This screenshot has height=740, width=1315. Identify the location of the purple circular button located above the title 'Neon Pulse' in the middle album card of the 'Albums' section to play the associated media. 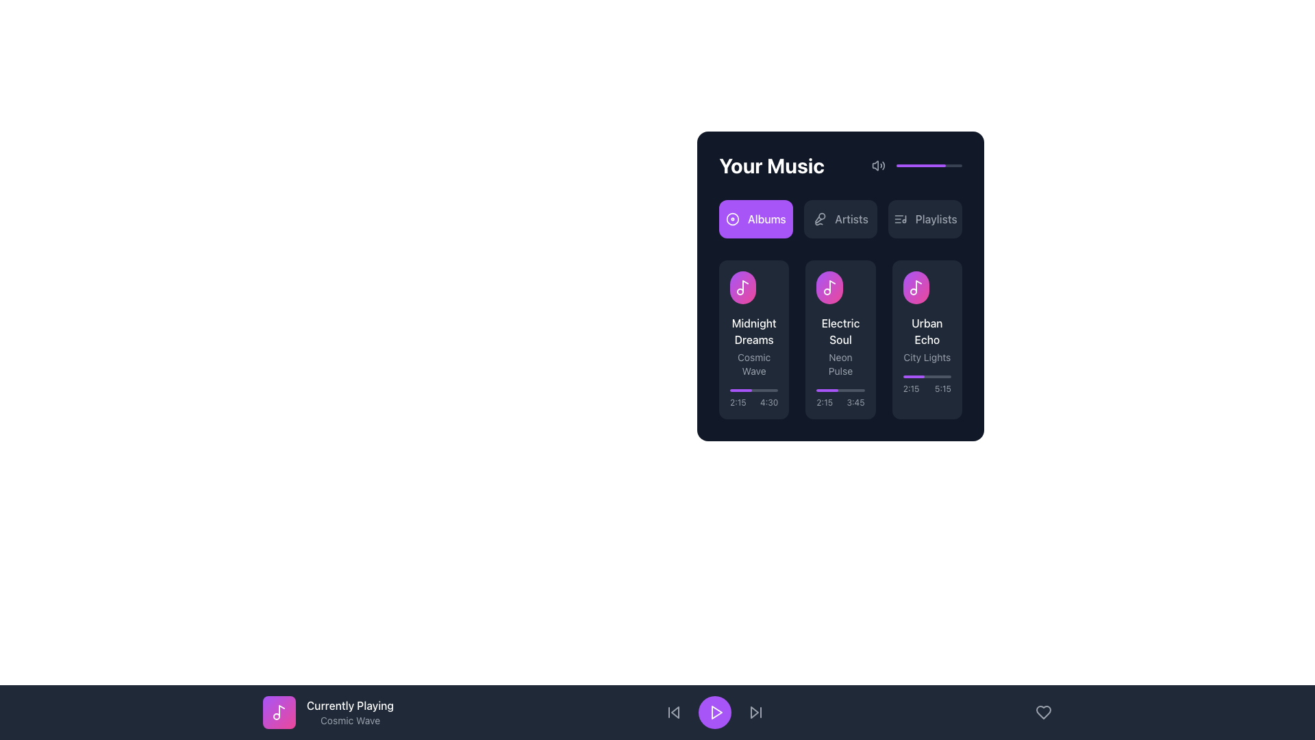
(854, 287).